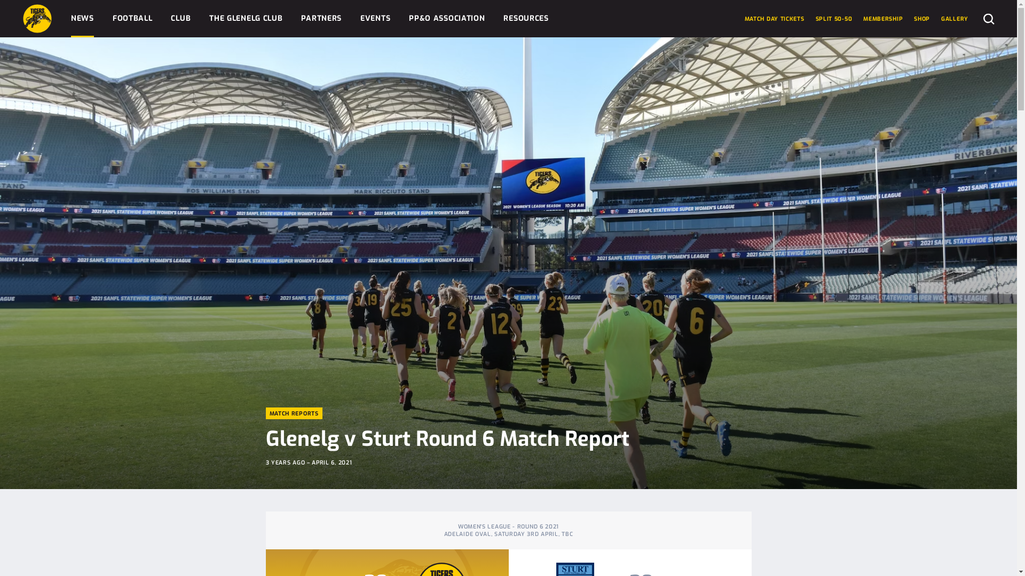 The image size is (1025, 576). What do you see at coordinates (774, 18) in the screenshot?
I see `'MATCH DAY TICKETS'` at bounding box center [774, 18].